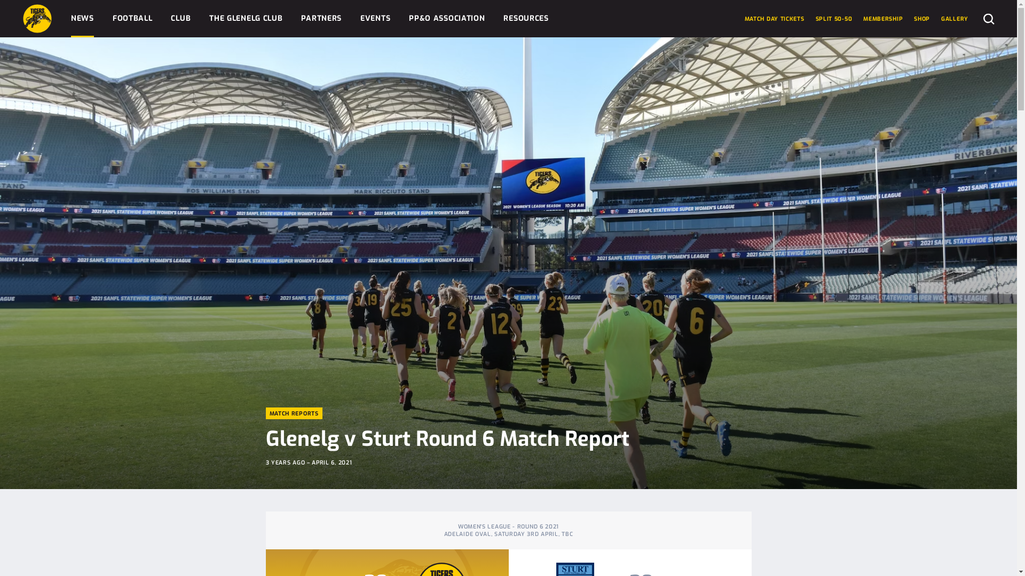 The image size is (1025, 576). What do you see at coordinates (774, 18) in the screenshot?
I see `'MATCH DAY TICKETS'` at bounding box center [774, 18].